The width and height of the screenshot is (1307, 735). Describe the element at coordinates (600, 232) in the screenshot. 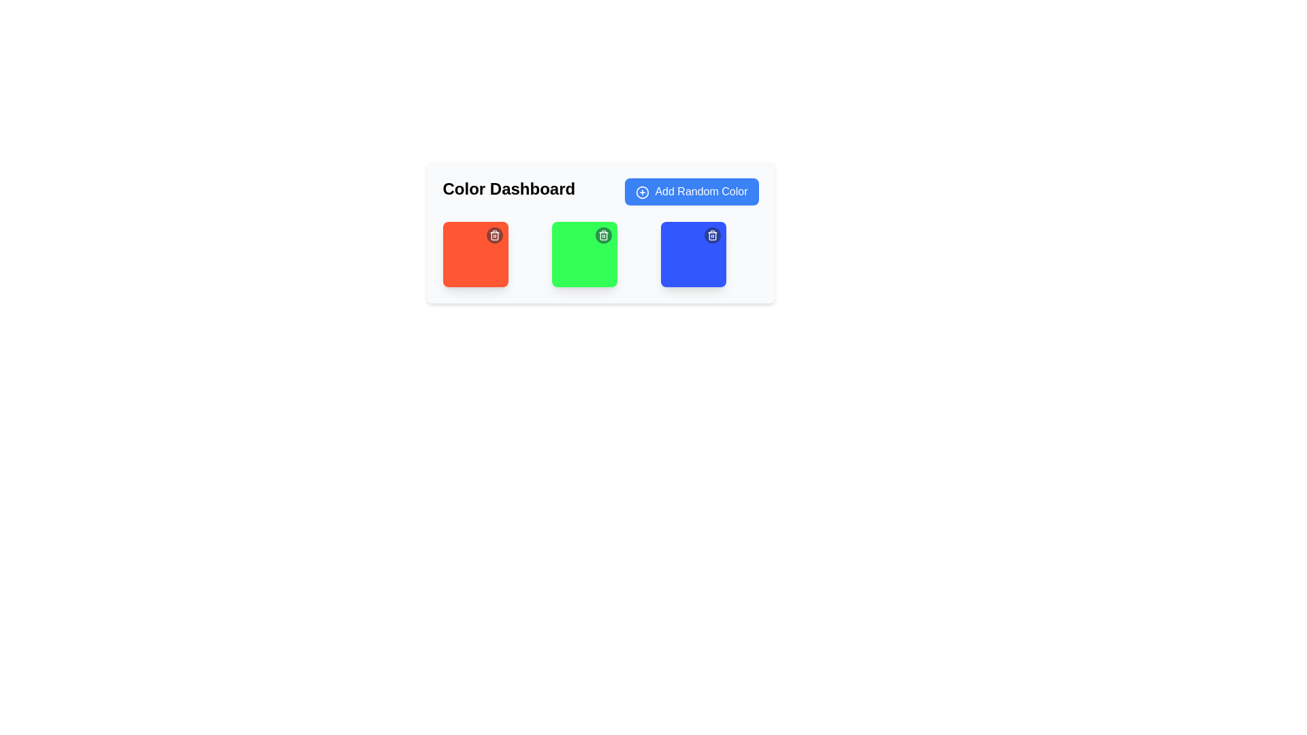

I see `the delete icon within the Card component that manages color cards` at that location.